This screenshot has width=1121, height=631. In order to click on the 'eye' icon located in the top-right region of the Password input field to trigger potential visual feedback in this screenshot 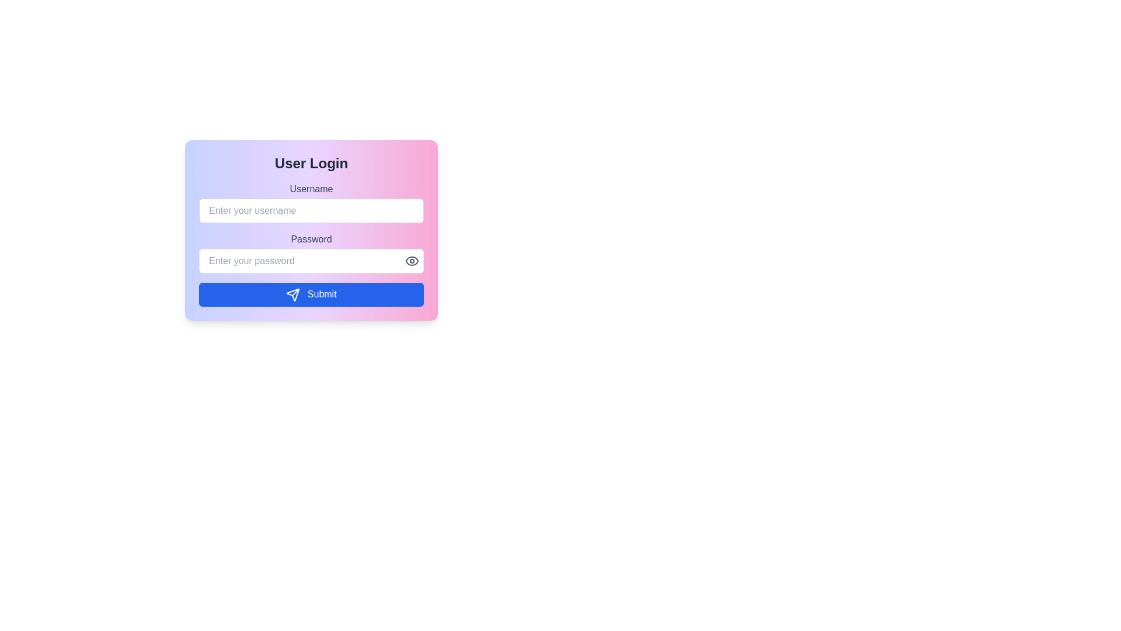, I will do `click(412, 261)`.